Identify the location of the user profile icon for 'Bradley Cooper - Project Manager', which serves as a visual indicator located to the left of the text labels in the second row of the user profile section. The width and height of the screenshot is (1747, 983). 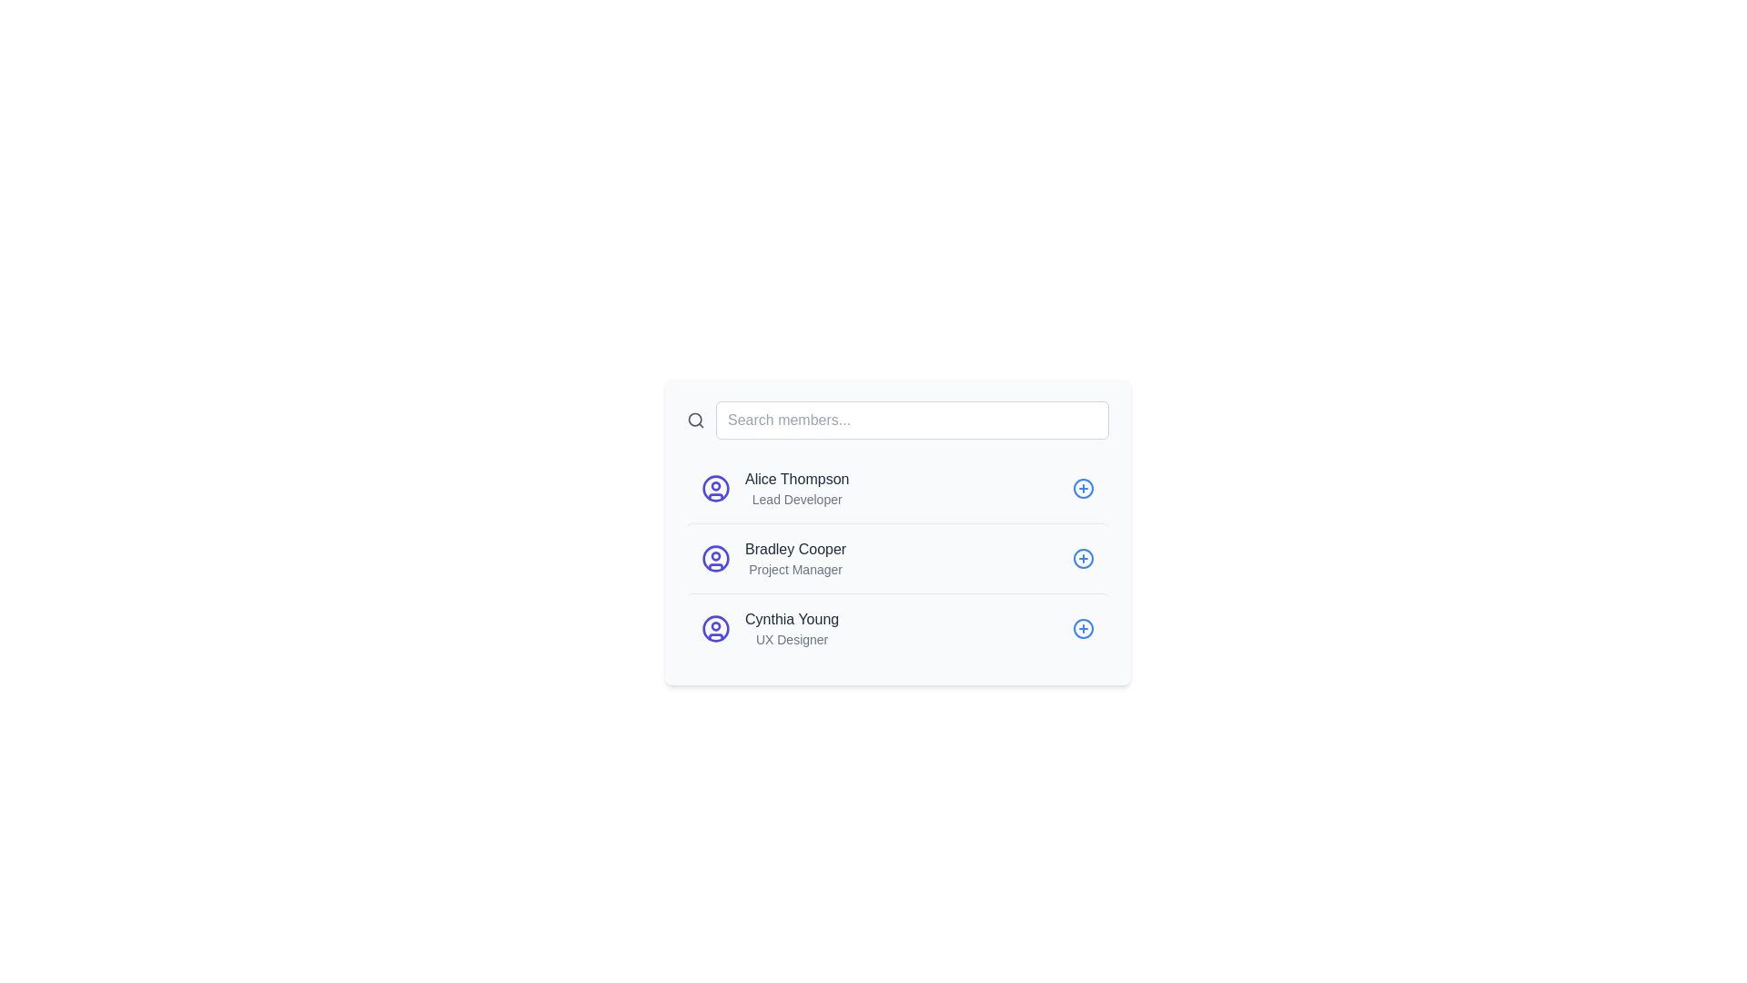
(715, 557).